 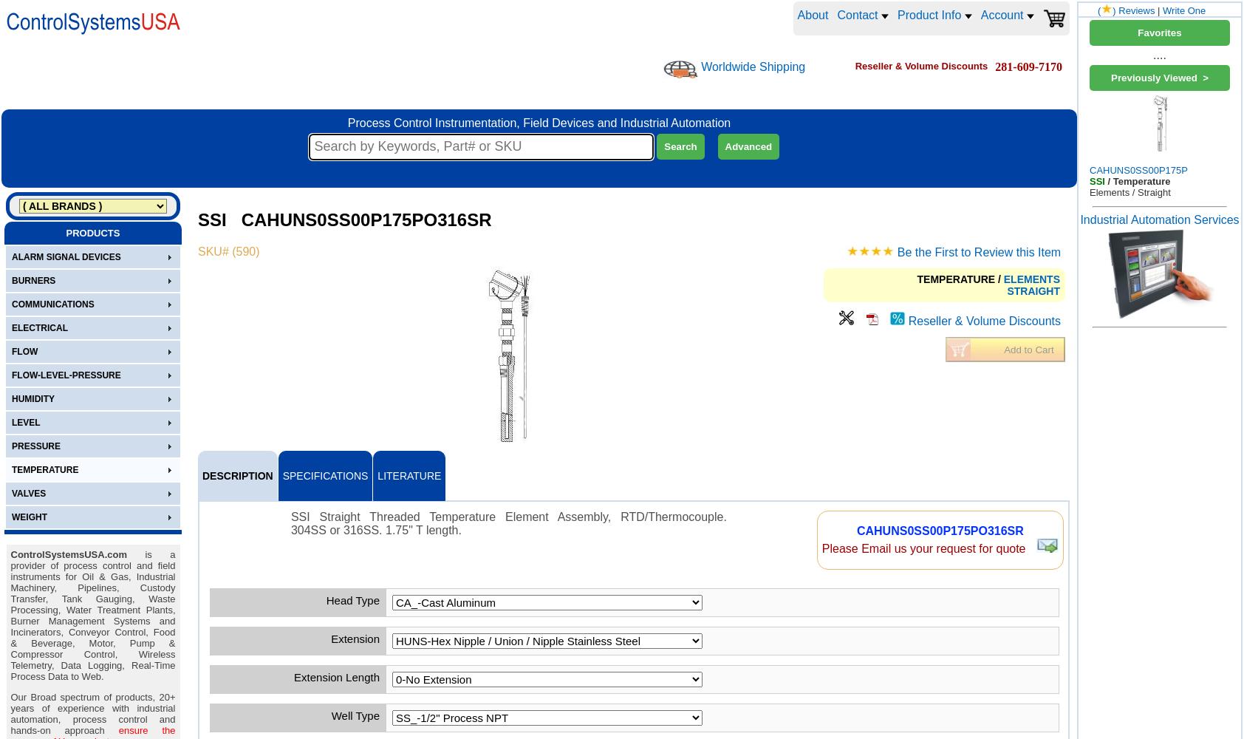 What do you see at coordinates (25, 422) in the screenshot?
I see `'LEVEL'` at bounding box center [25, 422].